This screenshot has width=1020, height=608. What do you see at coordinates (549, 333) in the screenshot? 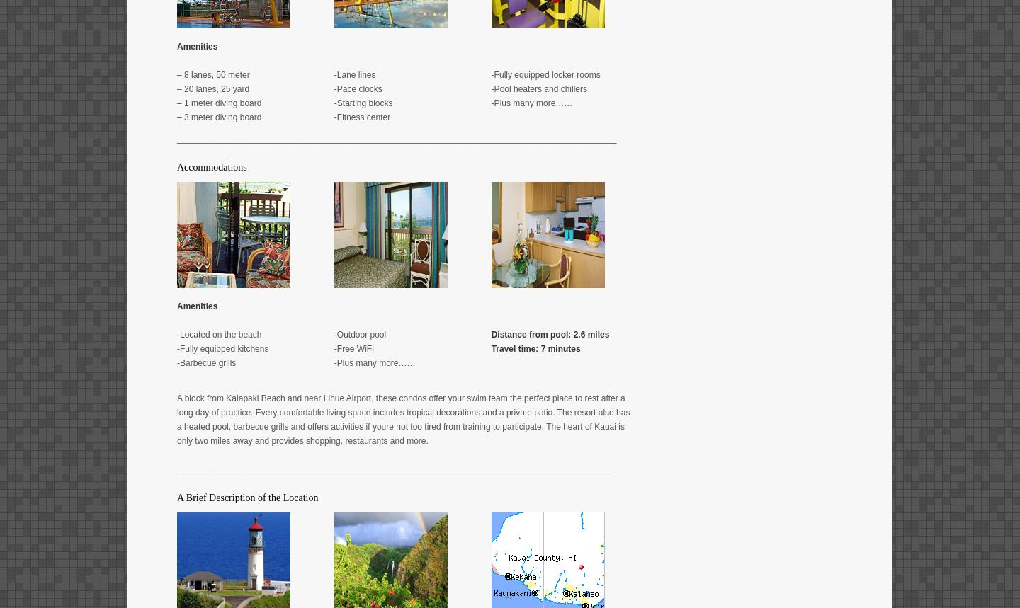
I see `'Distance from pool: 2.6 miles'` at bounding box center [549, 333].